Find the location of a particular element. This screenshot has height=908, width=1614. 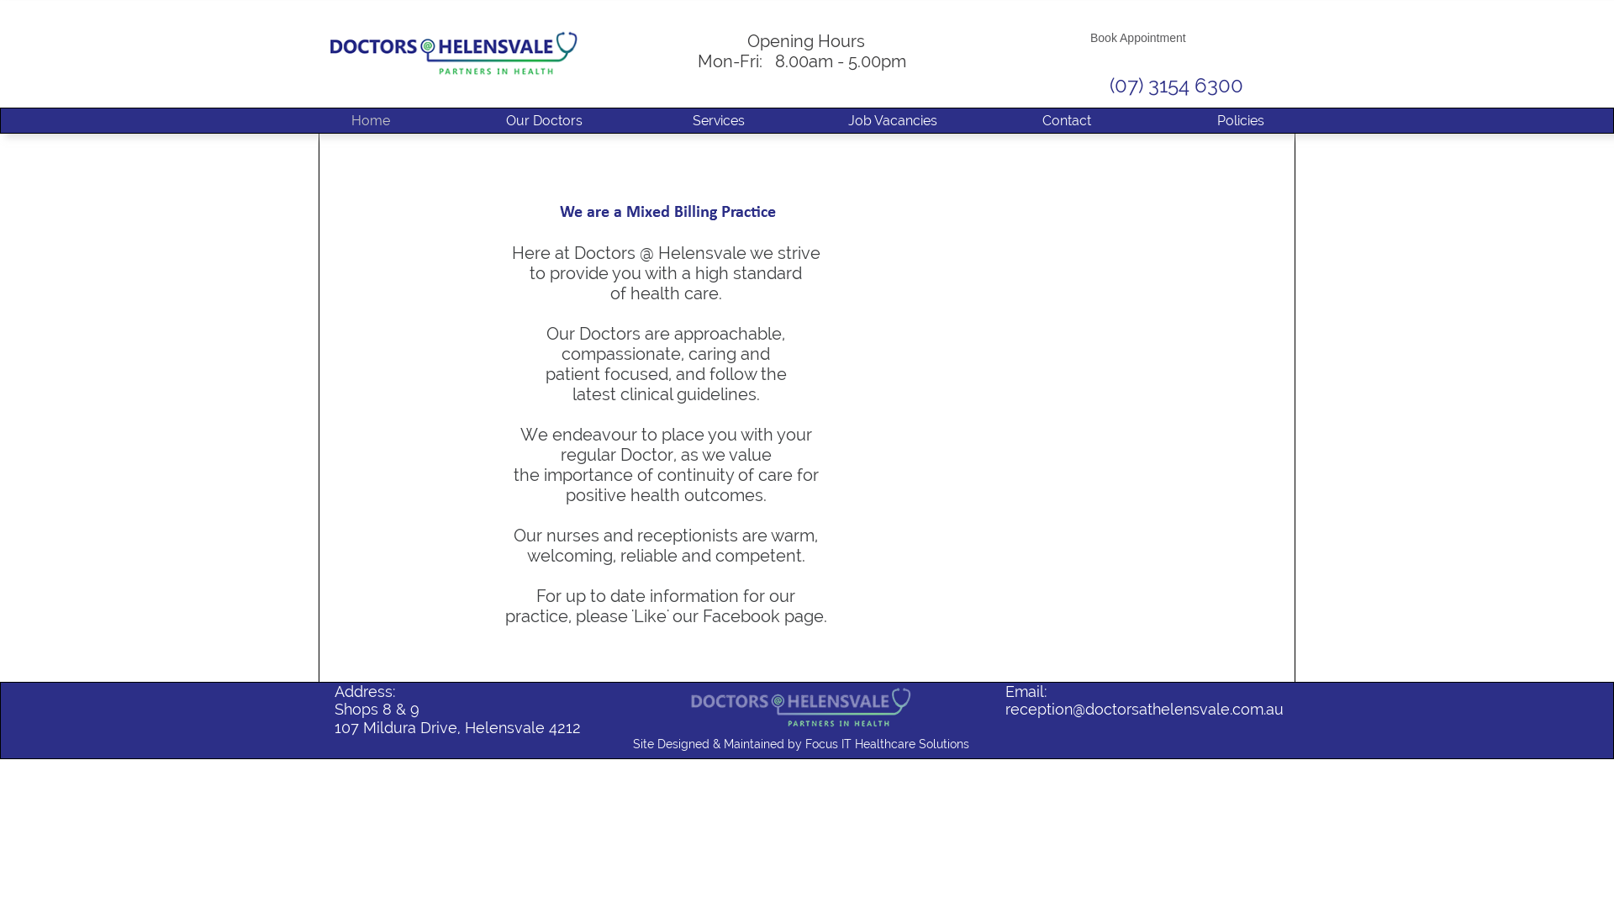

'Focus IT Healthcare Solutions' is located at coordinates (804, 742).